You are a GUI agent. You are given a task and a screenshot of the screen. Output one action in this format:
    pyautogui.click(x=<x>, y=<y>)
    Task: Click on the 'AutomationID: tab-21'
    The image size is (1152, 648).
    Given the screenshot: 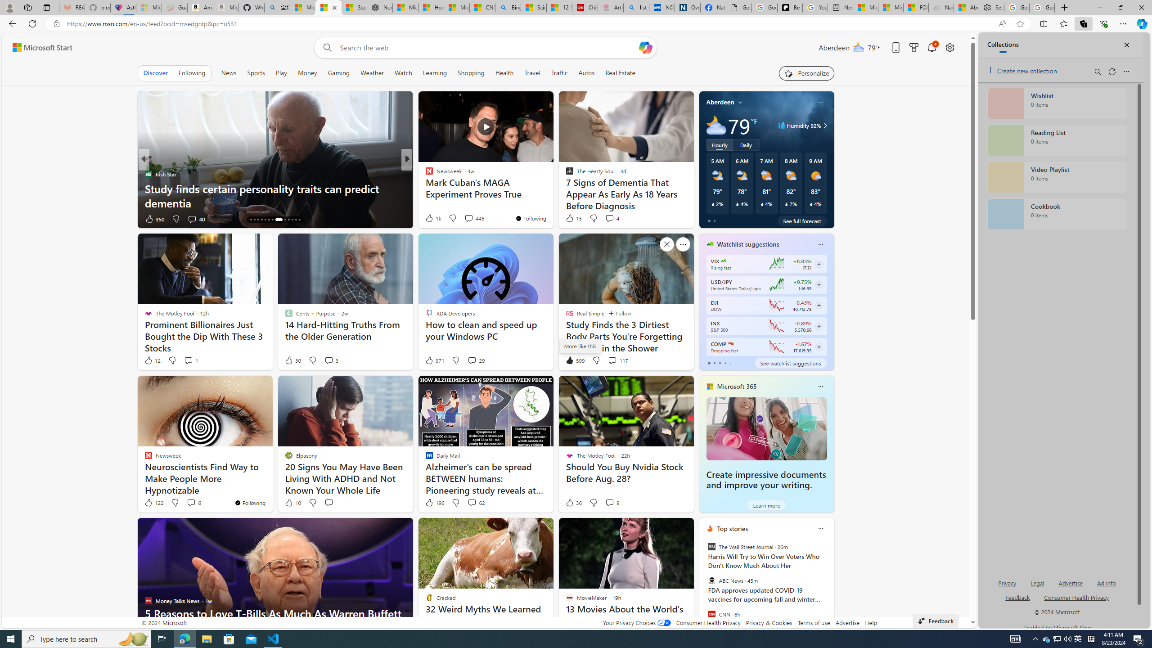 What is the action you would take?
    pyautogui.click(x=279, y=219)
    